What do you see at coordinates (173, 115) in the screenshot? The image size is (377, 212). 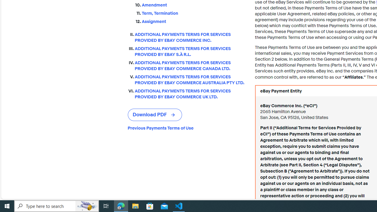 I see `'Class: ski-btn__arrow'` at bounding box center [173, 115].